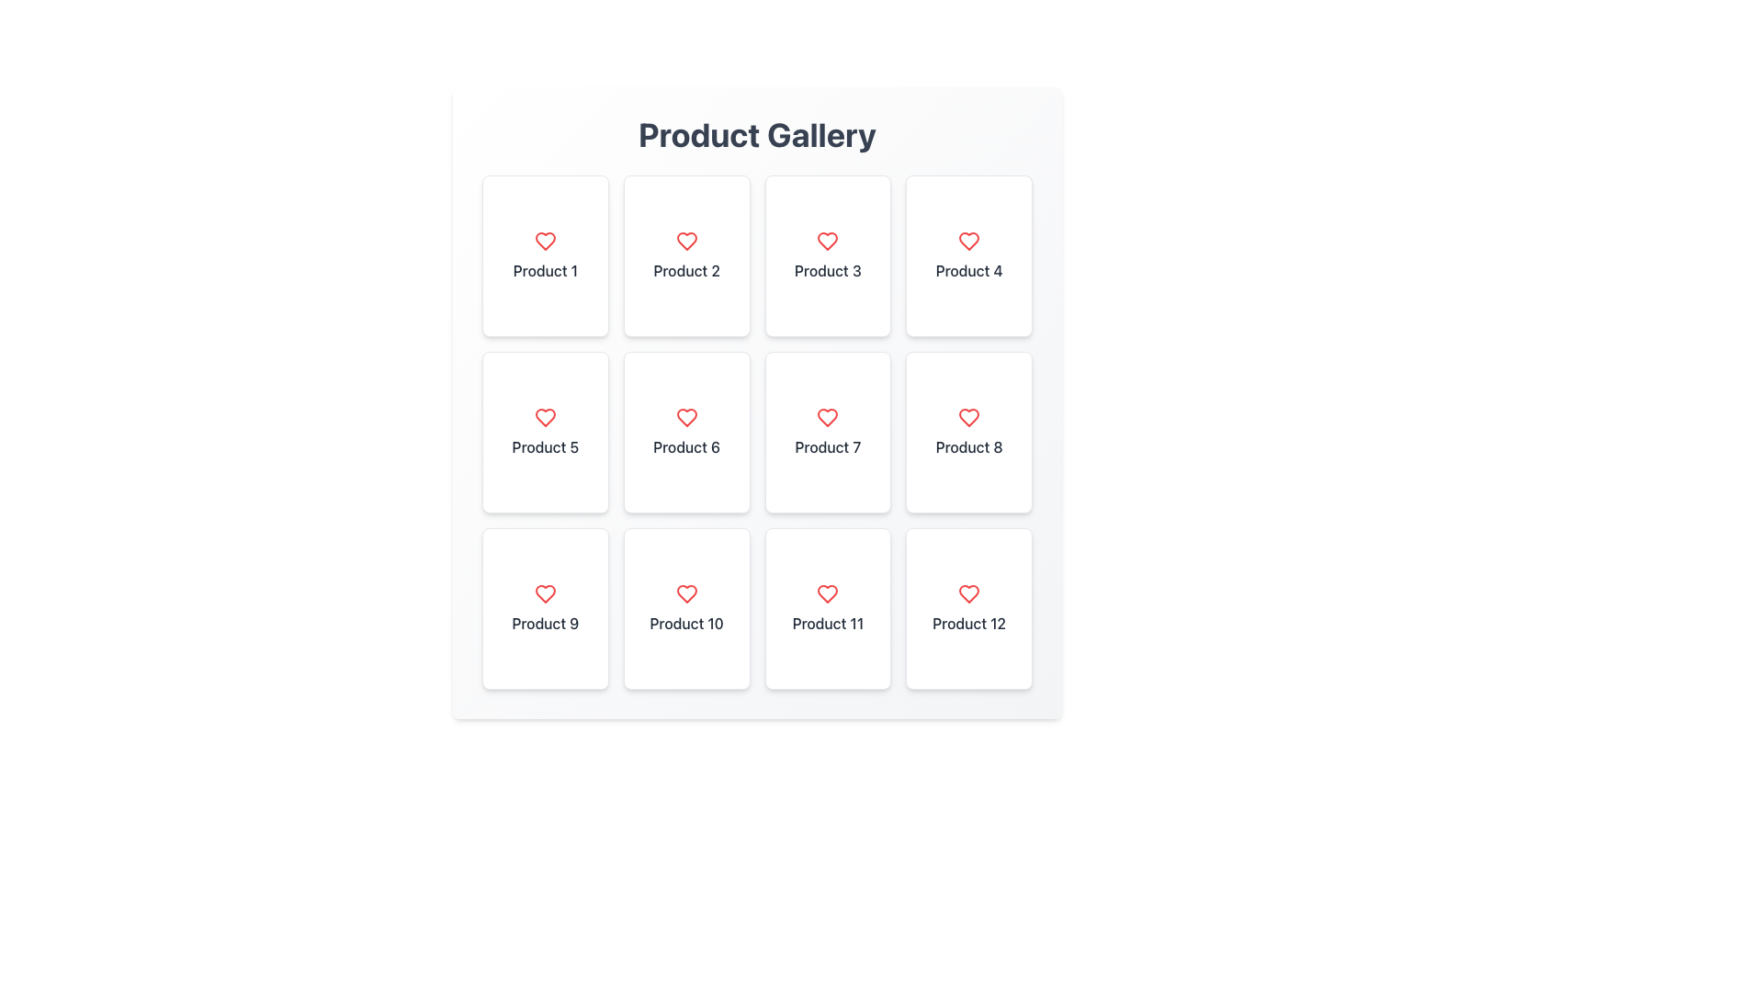  Describe the element at coordinates (544, 418) in the screenshot. I see `the heart icon in the second row, first column of the grid layout under 'Product Gallery'` at that location.